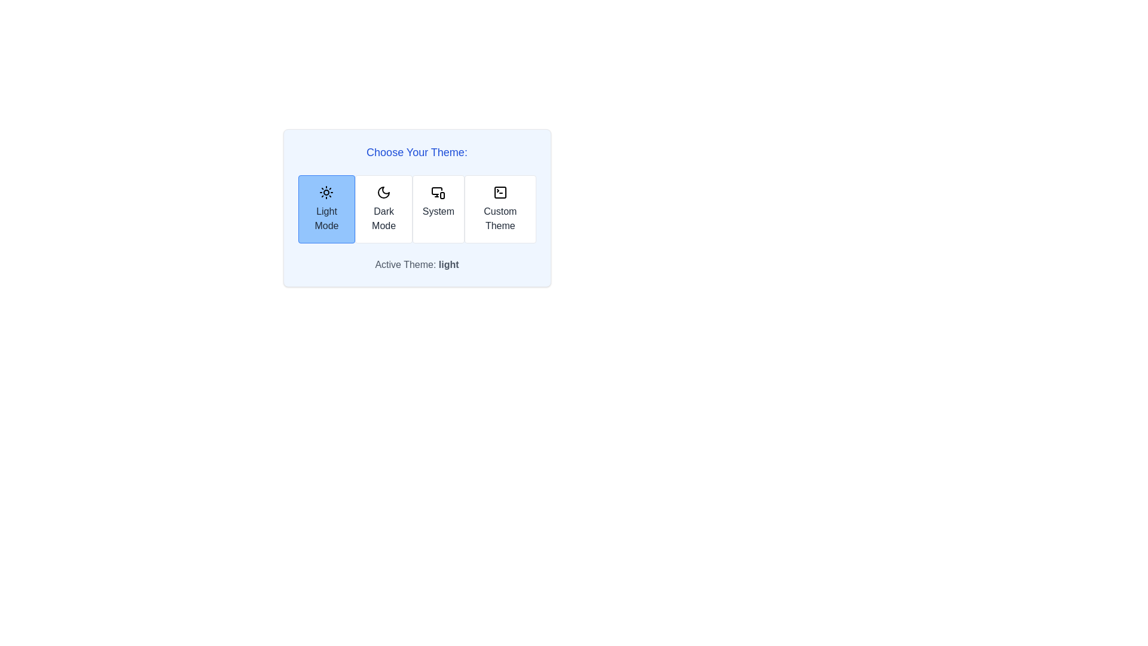  Describe the element at coordinates (438, 209) in the screenshot. I see `the theme option System by clicking on the corresponding button` at that location.